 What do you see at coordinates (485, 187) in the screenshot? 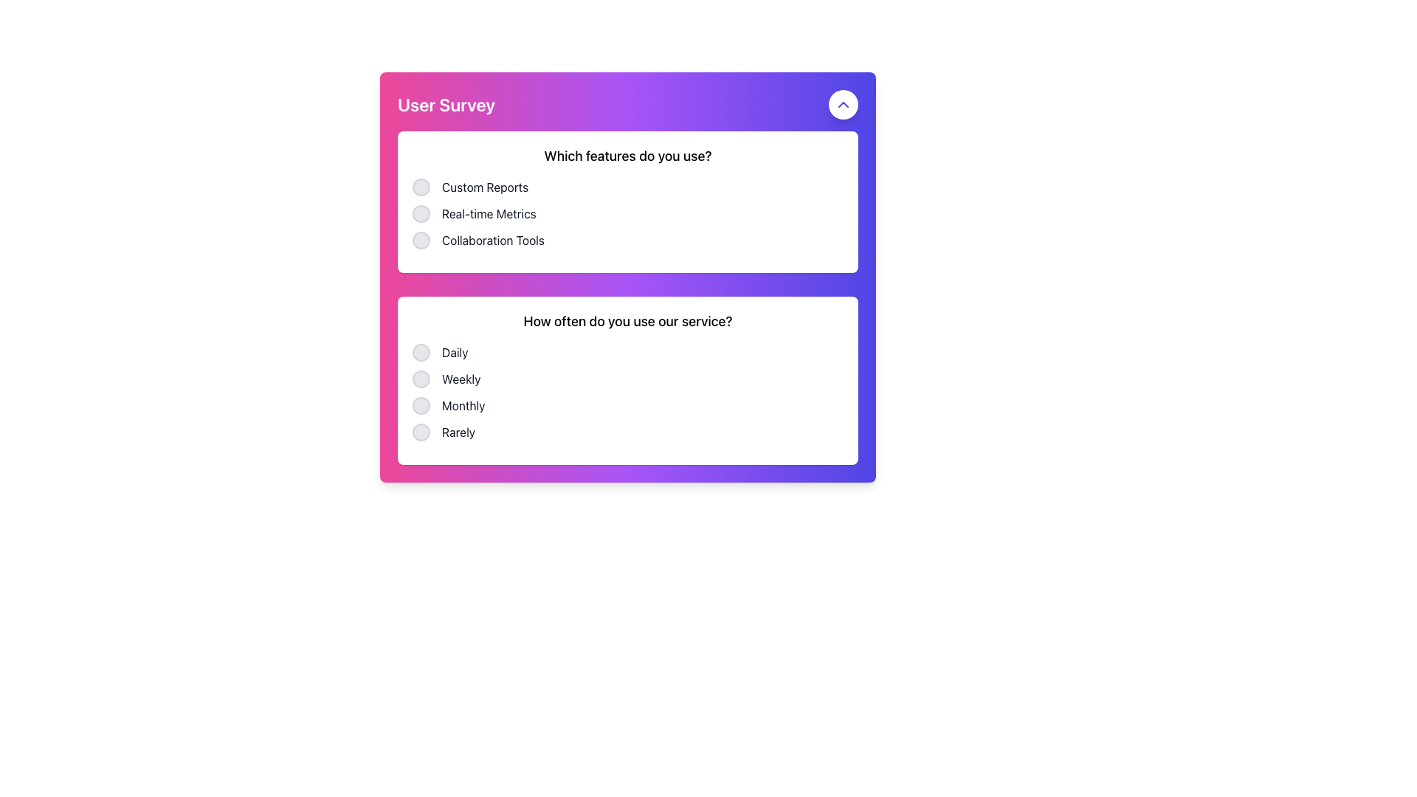
I see `the Text Label for 'Custom Reports', which is positioned under the survey question 'Which features do you use?' and is the first option in the list, located to the right of the selection circular button` at bounding box center [485, 187].